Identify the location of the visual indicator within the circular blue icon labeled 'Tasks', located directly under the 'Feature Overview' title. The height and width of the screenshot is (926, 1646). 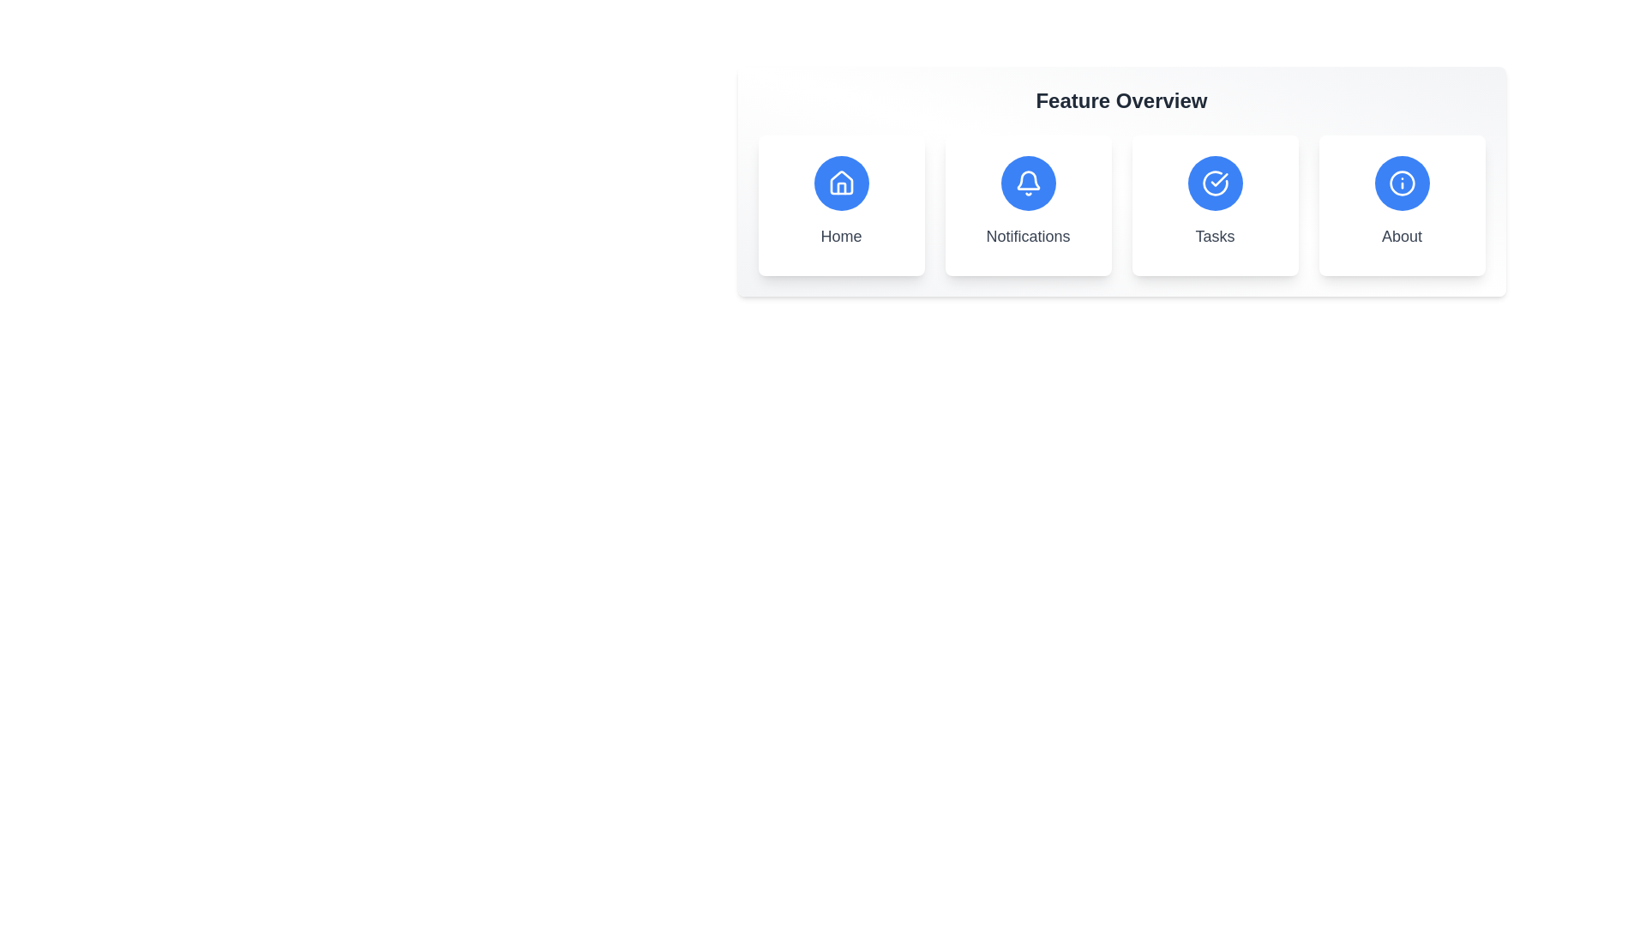
(1218, 179).